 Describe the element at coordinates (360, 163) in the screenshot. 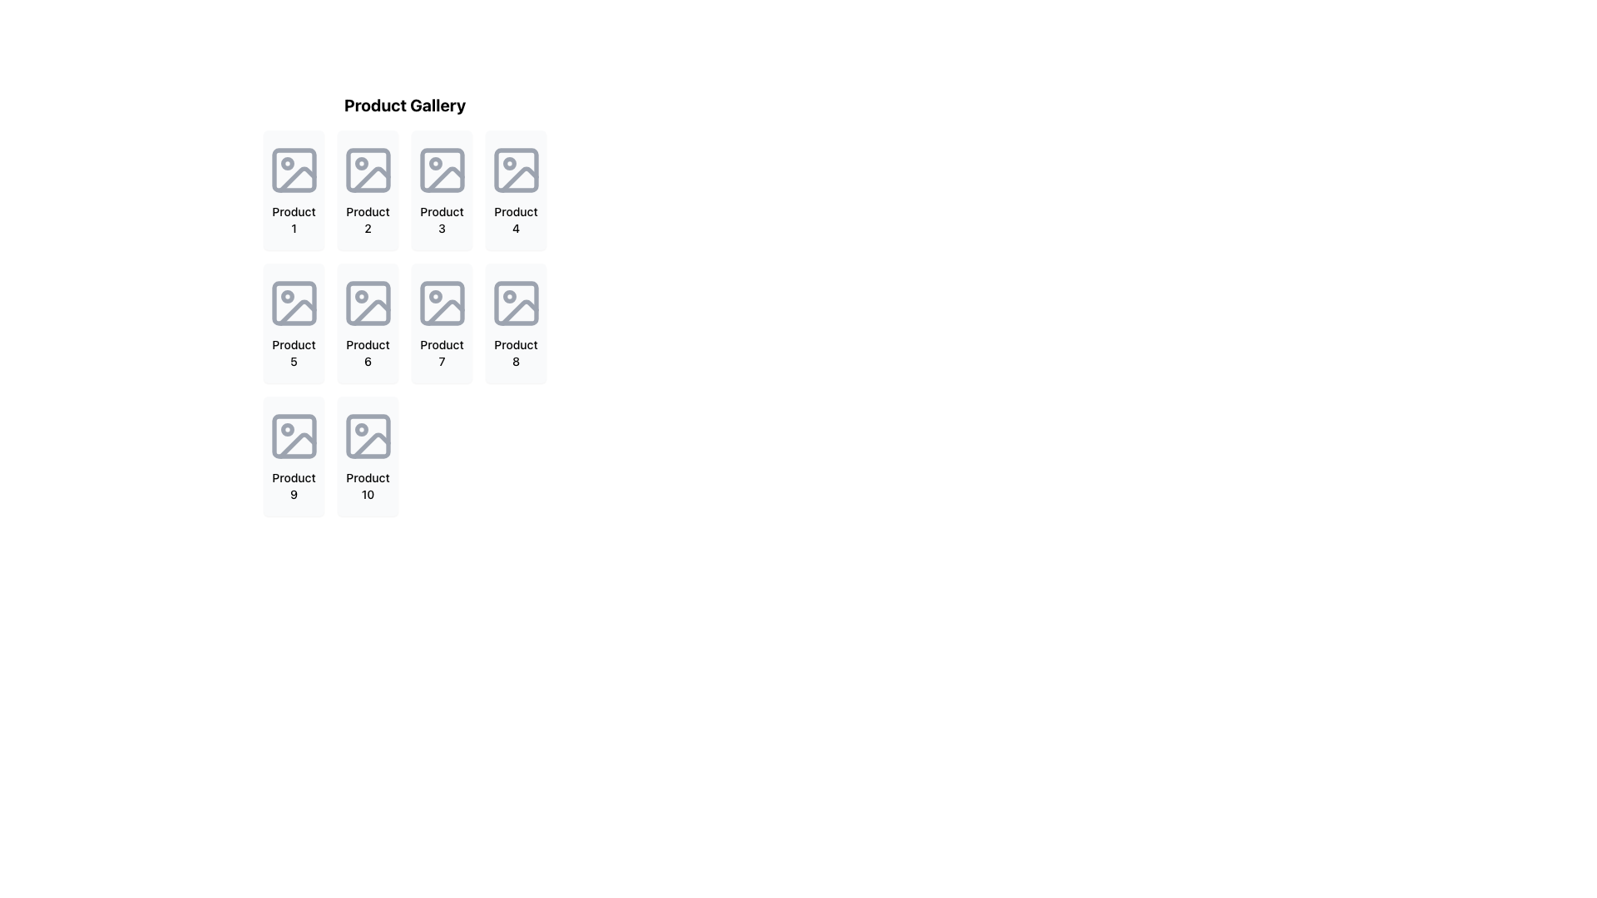

I see `the small circular icon located inside the second product's placeholder image in the product gallery grid layout` at that location.